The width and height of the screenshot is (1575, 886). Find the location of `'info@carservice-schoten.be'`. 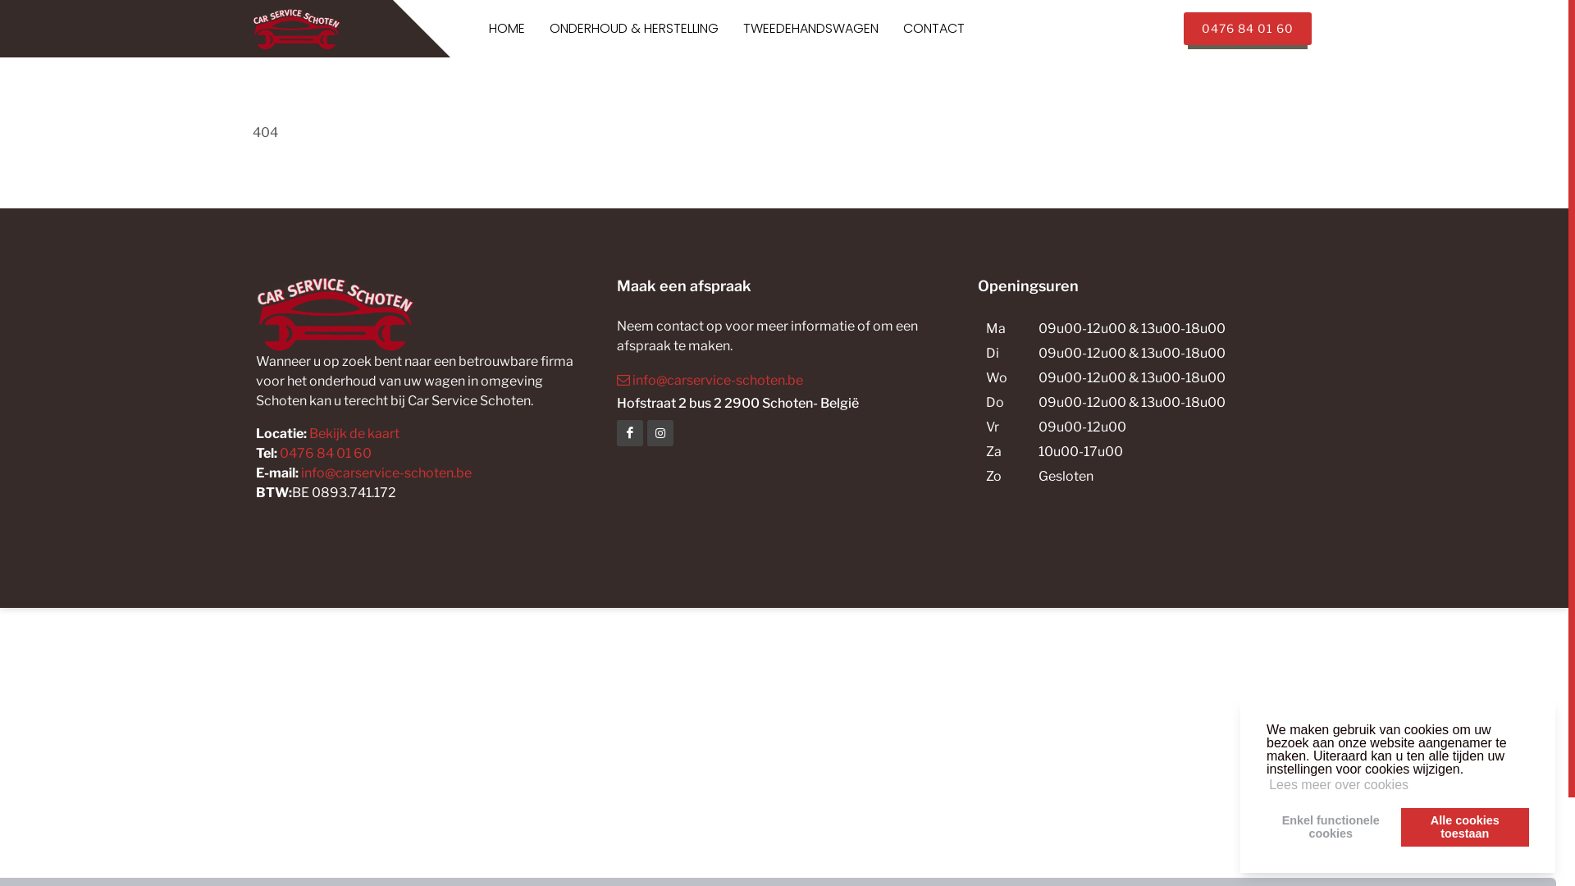

'info@carservice-schoten.be' is located at coordinates (385, 473).